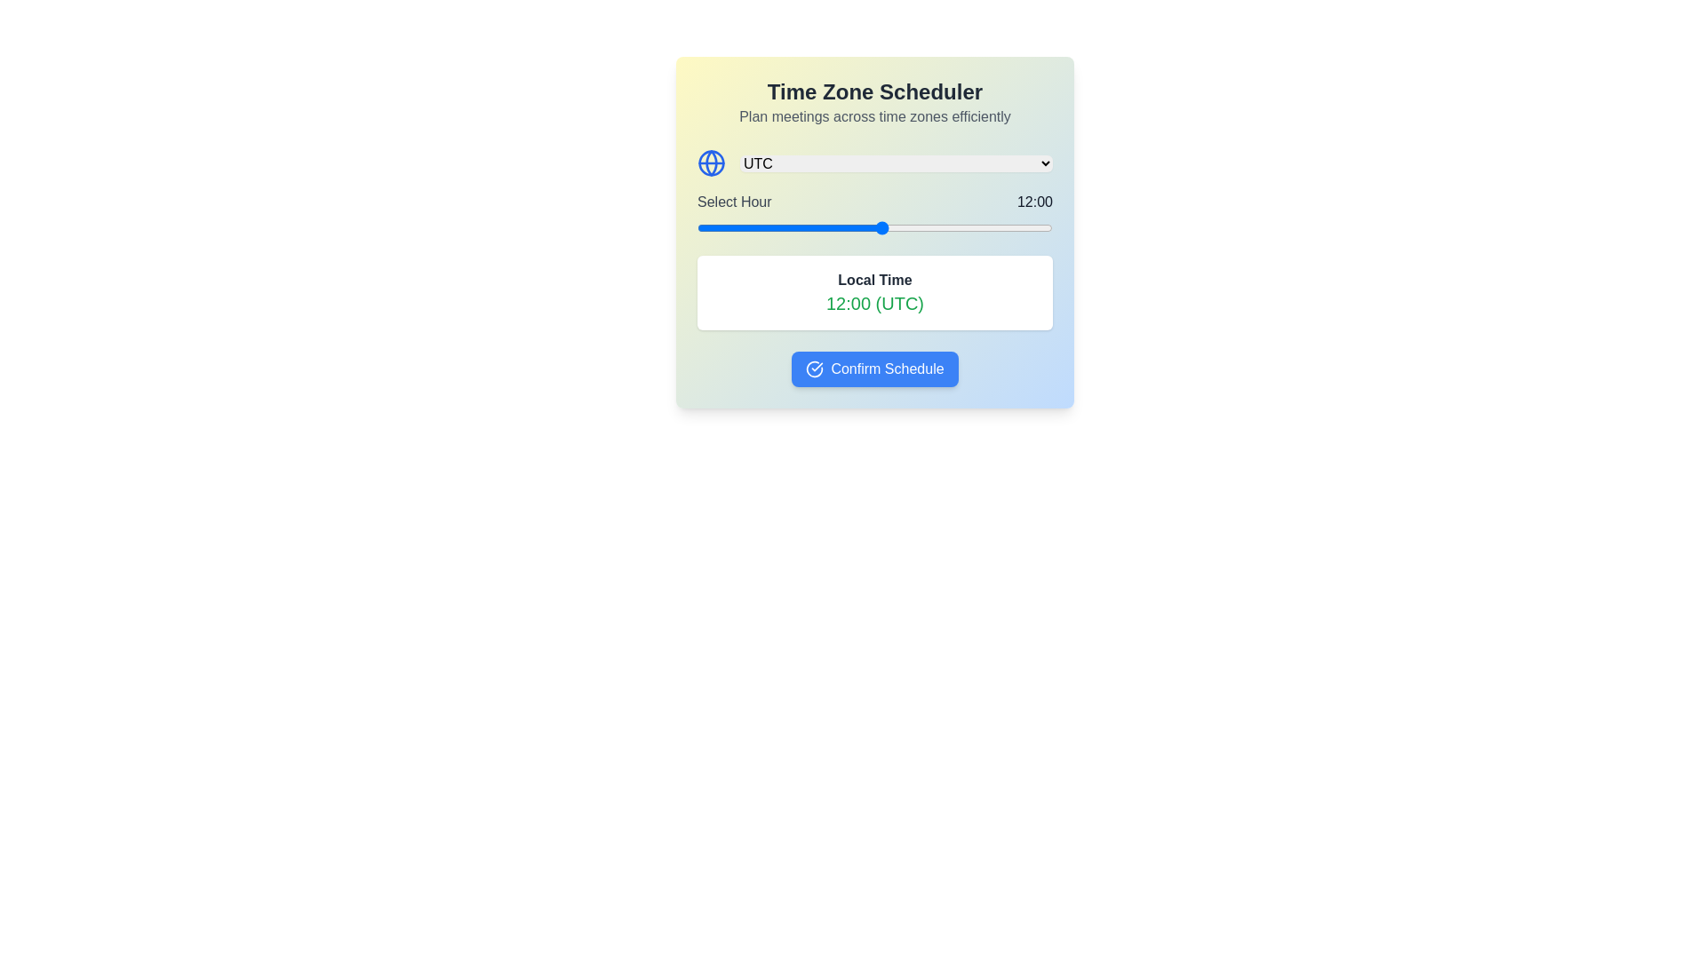 The height and width of the screenshot is (959, 1706). Describe the element at coordinates (874, 303) in the screenshot. I see `text displayed in the Text label that shows the current time in UTC format, which is located beneath the 'Local Time' label` at that location.